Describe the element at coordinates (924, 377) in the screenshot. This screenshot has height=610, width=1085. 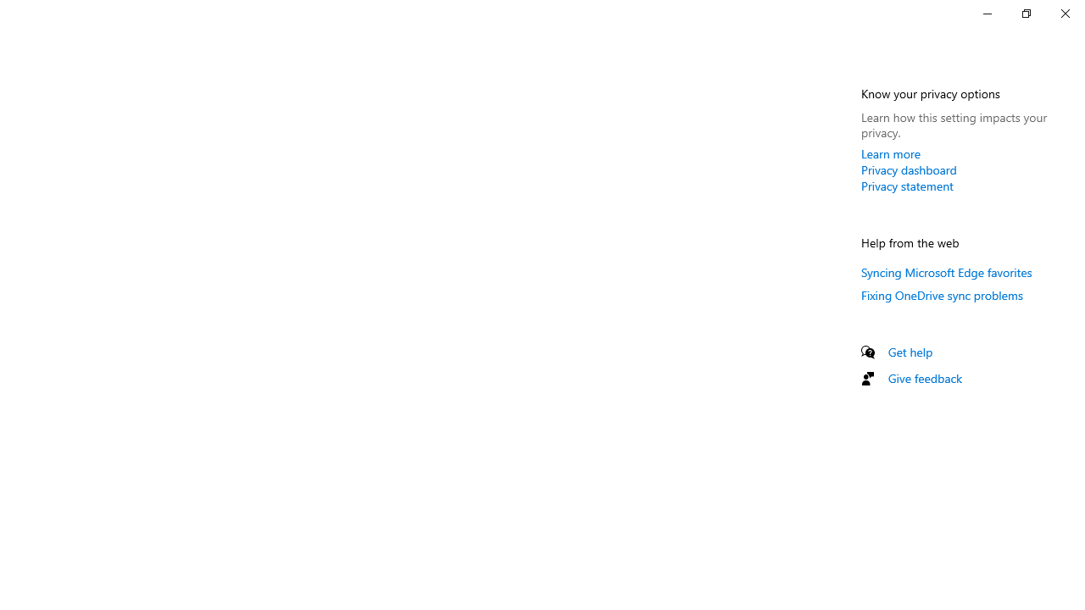
I see `'Give feedback'` at that location.